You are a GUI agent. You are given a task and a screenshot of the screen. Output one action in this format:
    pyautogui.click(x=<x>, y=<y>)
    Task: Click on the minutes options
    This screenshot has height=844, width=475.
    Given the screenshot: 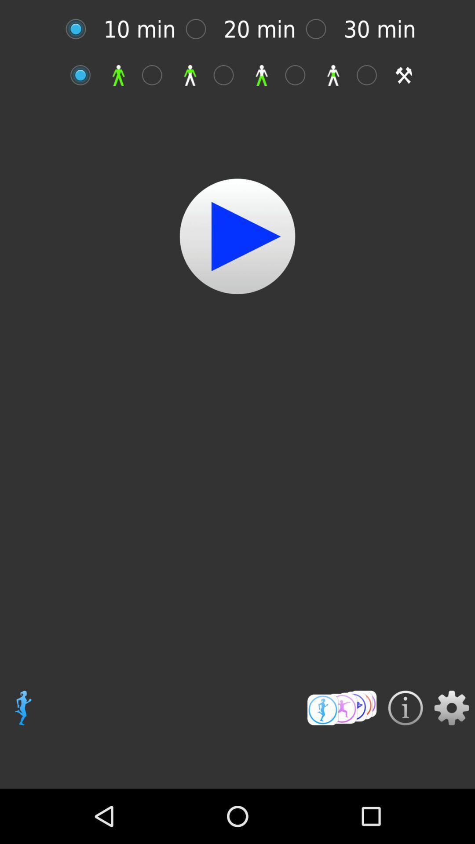 What is the action you would take?
    pyautogui.click(x=200, y=29)
    